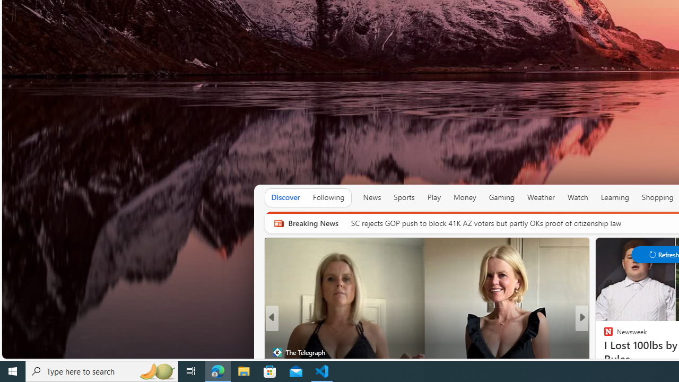 The height and width of the screenshot is (382, 679). What do you see at coordinates (465, 197) in the screenshot?
I see `'Money'` at bounding box center [465, 197].